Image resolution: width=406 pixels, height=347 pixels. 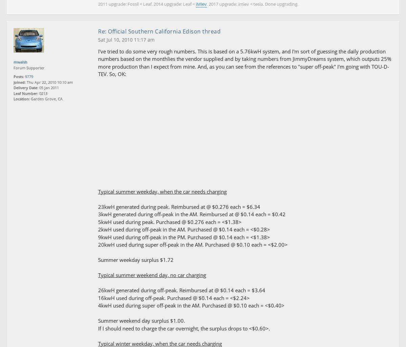 What do you see at coordinates (98, 4) in the screenshot?
I see `'2011 upgrade: Fossil < Leaf. 2014 upgrade: Leaf <'` at bounding box center [98, 4].